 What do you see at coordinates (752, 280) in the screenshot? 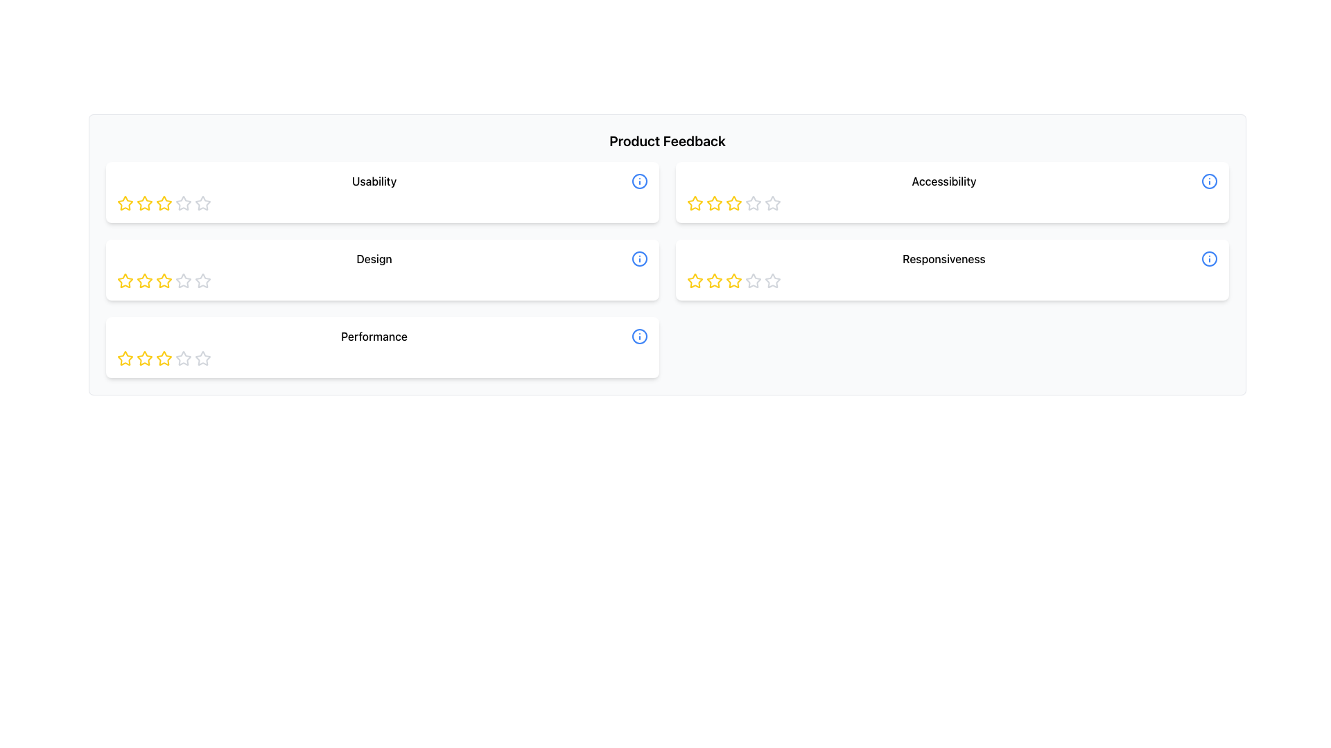
I see `the fourth star icon in the 'Responsiveness' rating system` at bounding box center [752, 280].